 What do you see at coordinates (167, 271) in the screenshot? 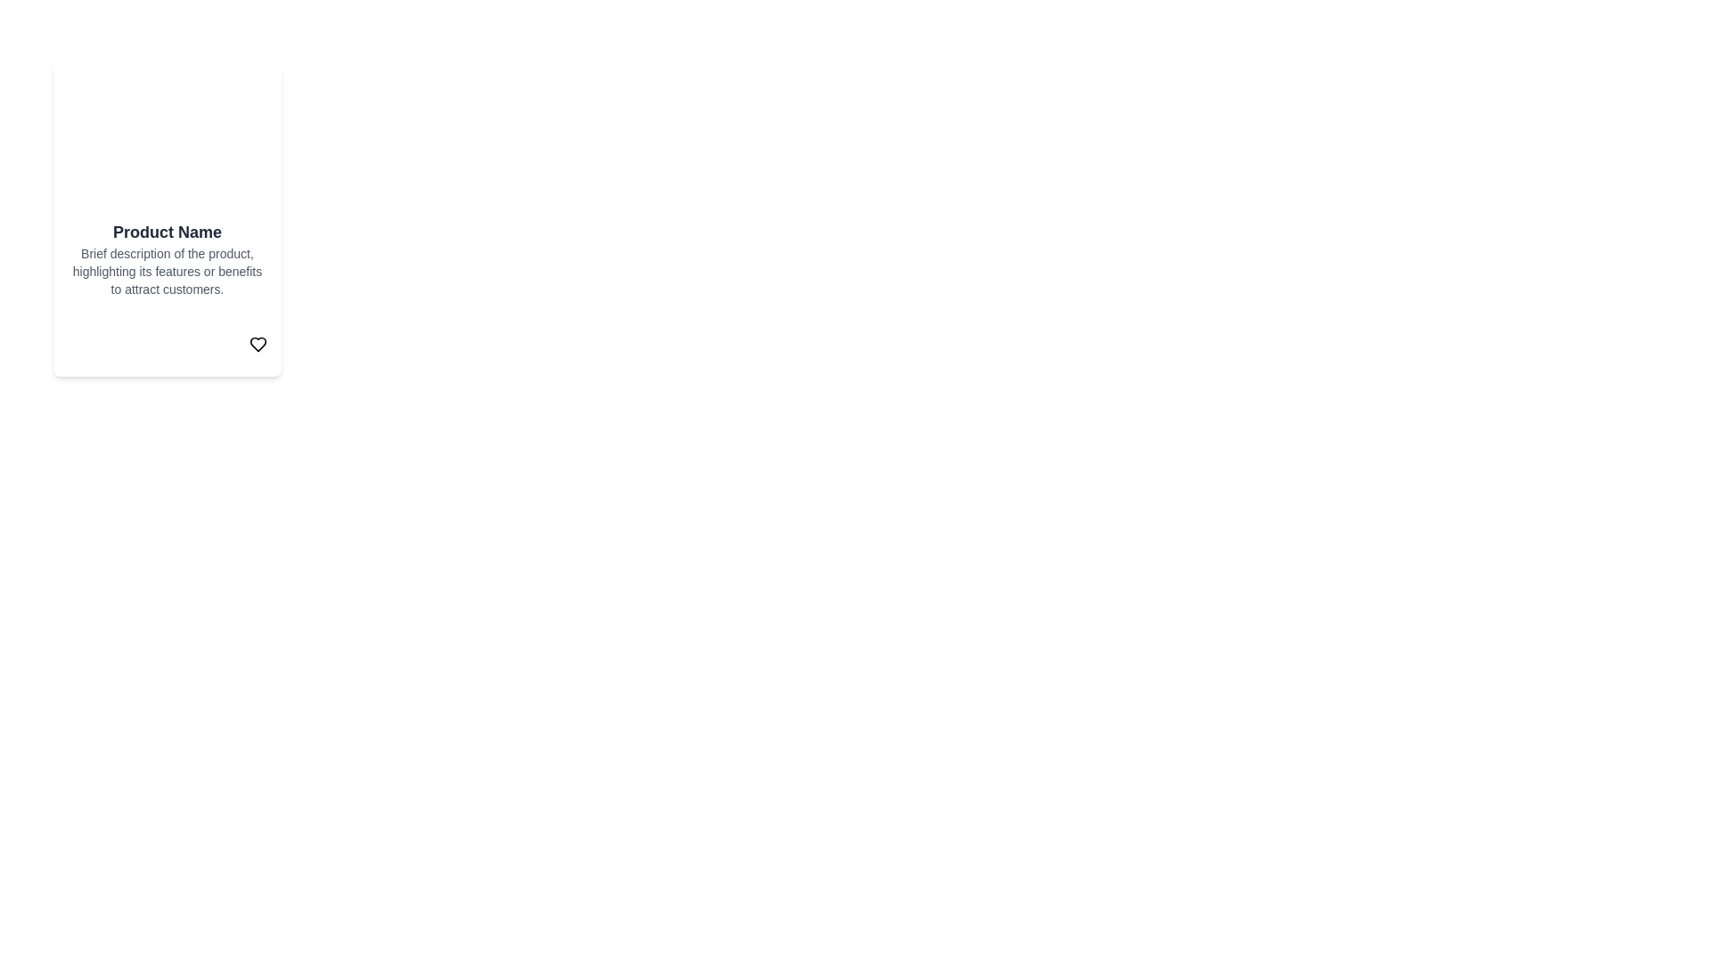
I see `product description displayed in the text field that is positioned below the 'Product Name'` at bounding box center [167, 271].